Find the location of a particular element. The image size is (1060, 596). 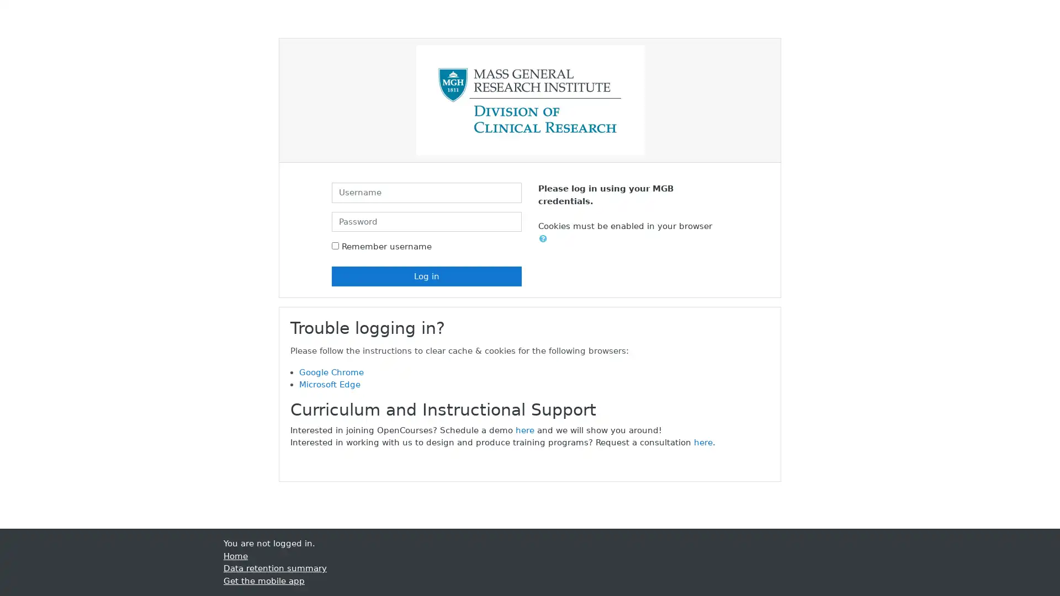

Help with <strong>Please log in using your MGB credentials.&nbsp;<br></strong> <br>Cookies must be enabled in your browser<br> is located at coordinates (545, 238).